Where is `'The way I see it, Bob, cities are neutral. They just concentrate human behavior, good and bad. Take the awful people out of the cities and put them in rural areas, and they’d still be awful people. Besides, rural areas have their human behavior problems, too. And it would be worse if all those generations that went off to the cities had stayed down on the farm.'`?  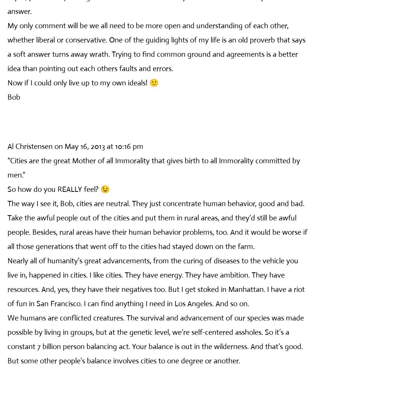 'The way I see it, Bob, cities are neutral. They just concentrate human behavior, good and bad. Take the awful people out of the cities and put them in rural areas, and they’d still be awful people. Besides, rural areas have their human behavior problems, too. And it would be worse if all those generations that went off to the cities had stayed down on the farm.' is located at coordinates (157, 225).